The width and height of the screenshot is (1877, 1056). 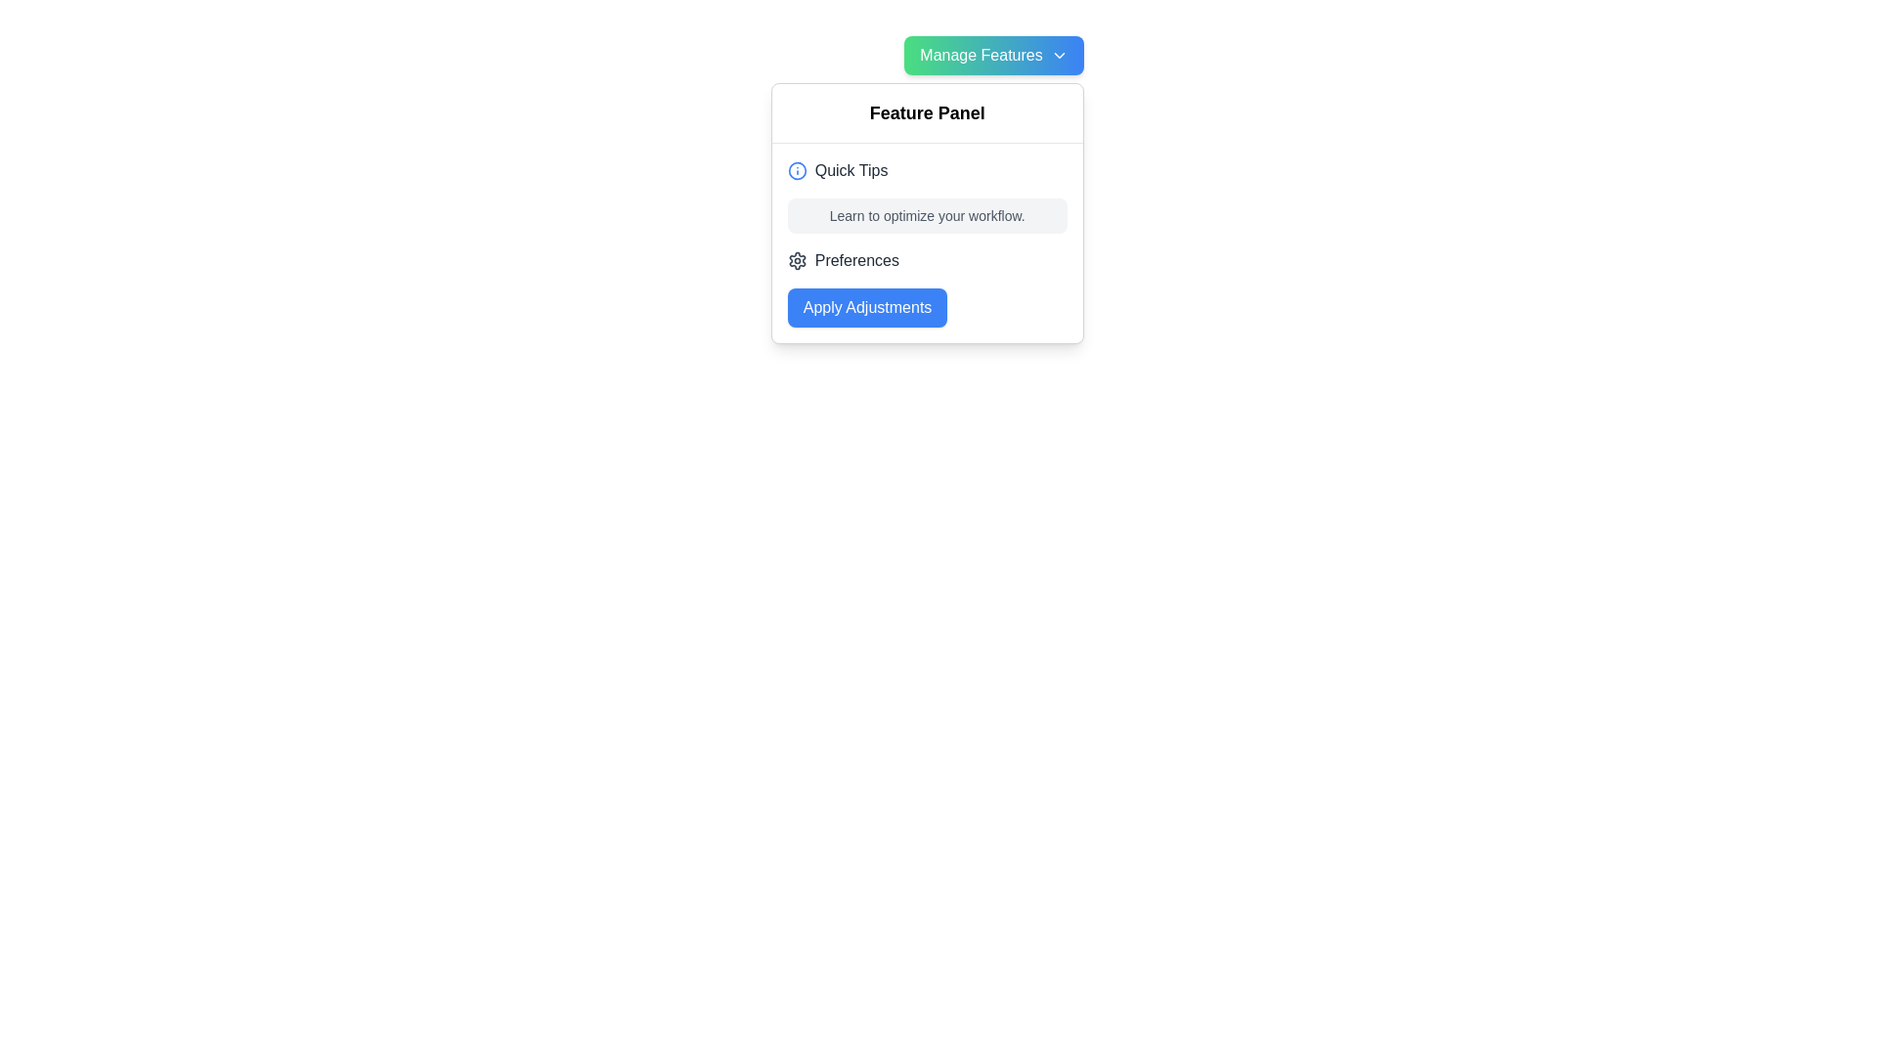 What do you see at coordinates (926, 215) in the screenshot?
I see `the TextLabel that provides guidance related to the 'Quick Tips' section located under the blue 'Quick Tips' label and icon in the main 'Feature Panel'` at bounding box center [926, 215].